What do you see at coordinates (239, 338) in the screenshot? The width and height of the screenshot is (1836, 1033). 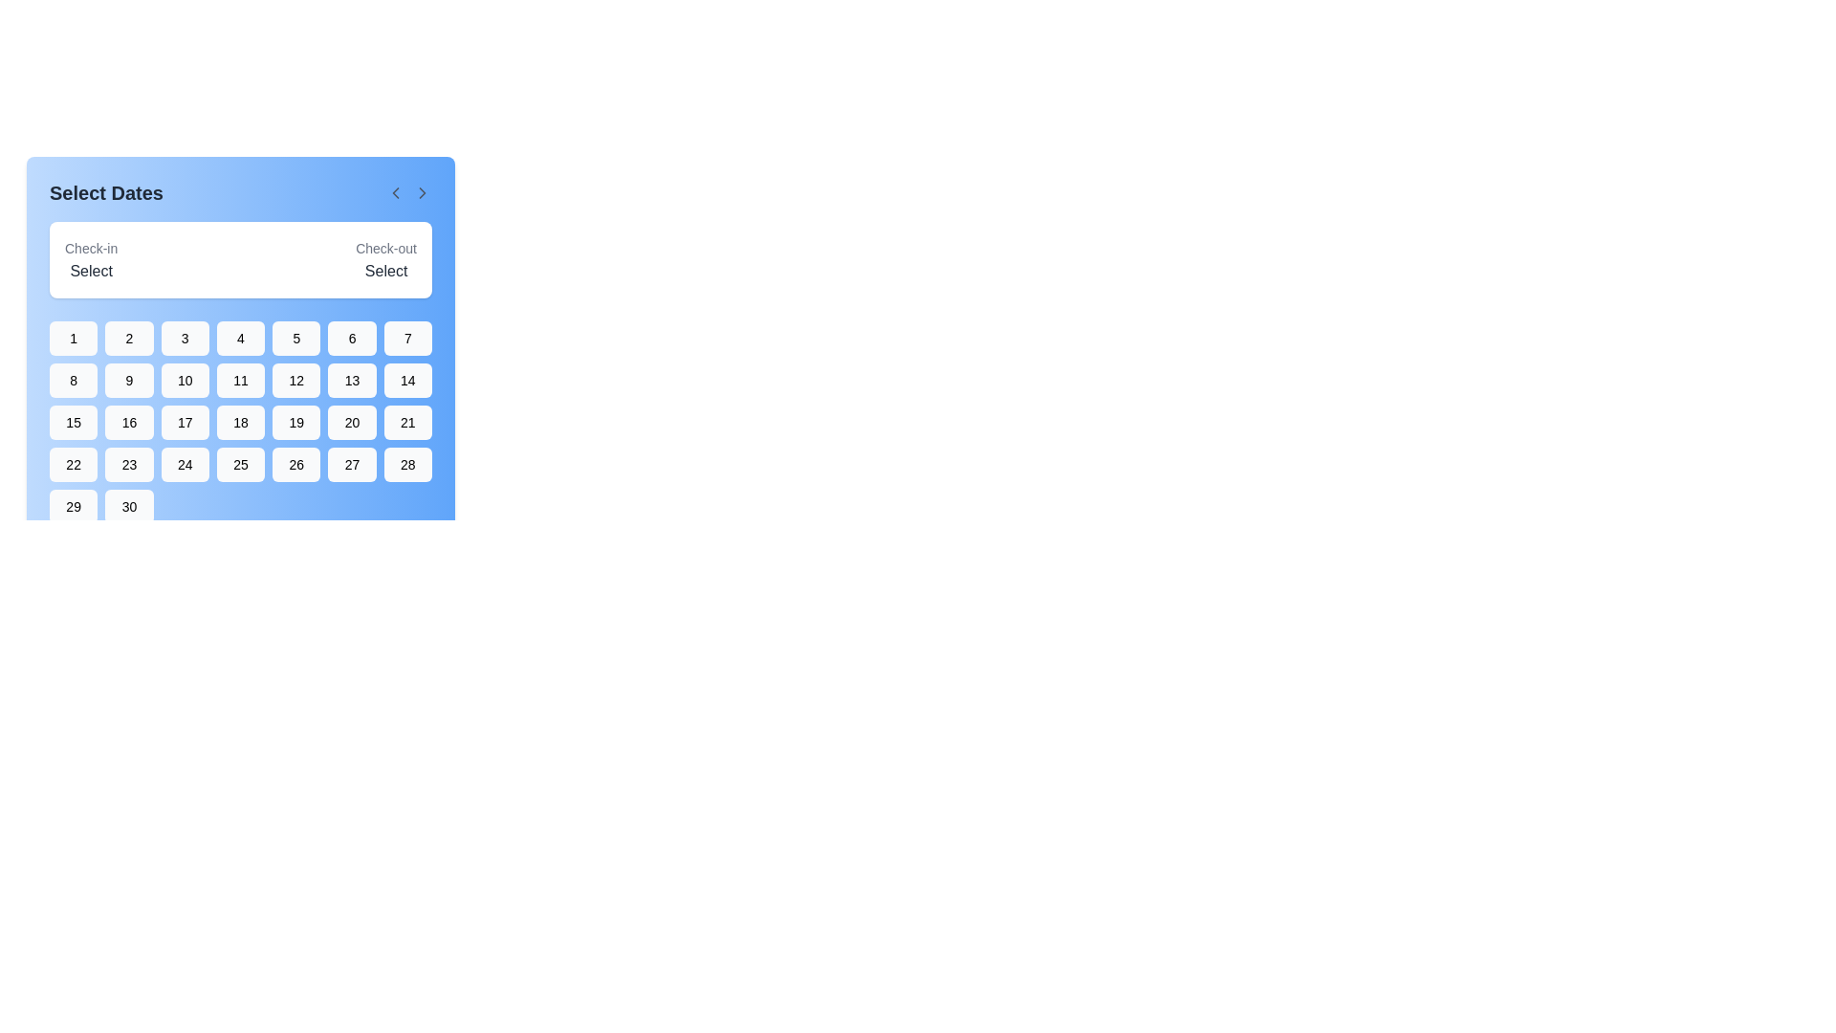 I see `the button representing the numeral '4' in the date picker interface` at bounding box center [239, 338].